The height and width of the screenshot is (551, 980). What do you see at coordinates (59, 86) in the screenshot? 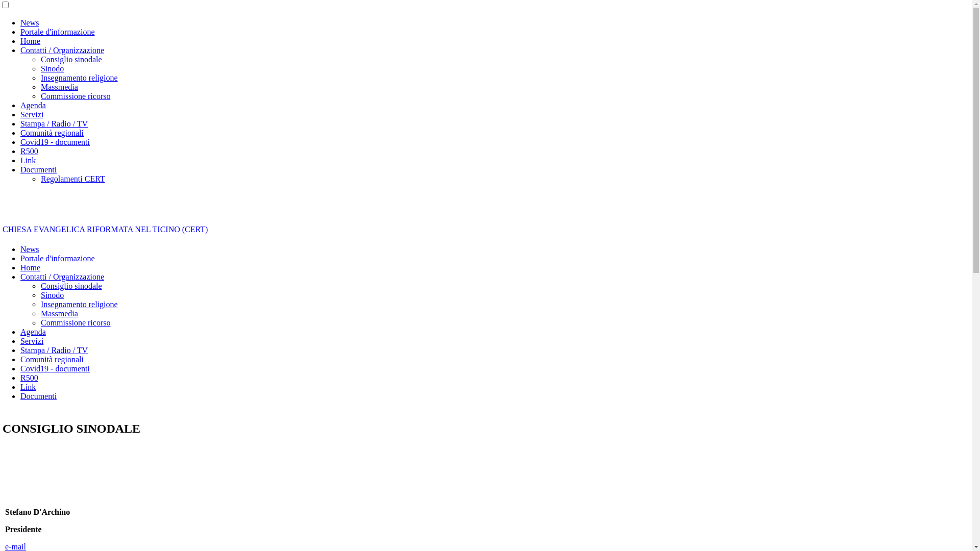
I see `'Massmedia'` at bounding box center [59, 86].